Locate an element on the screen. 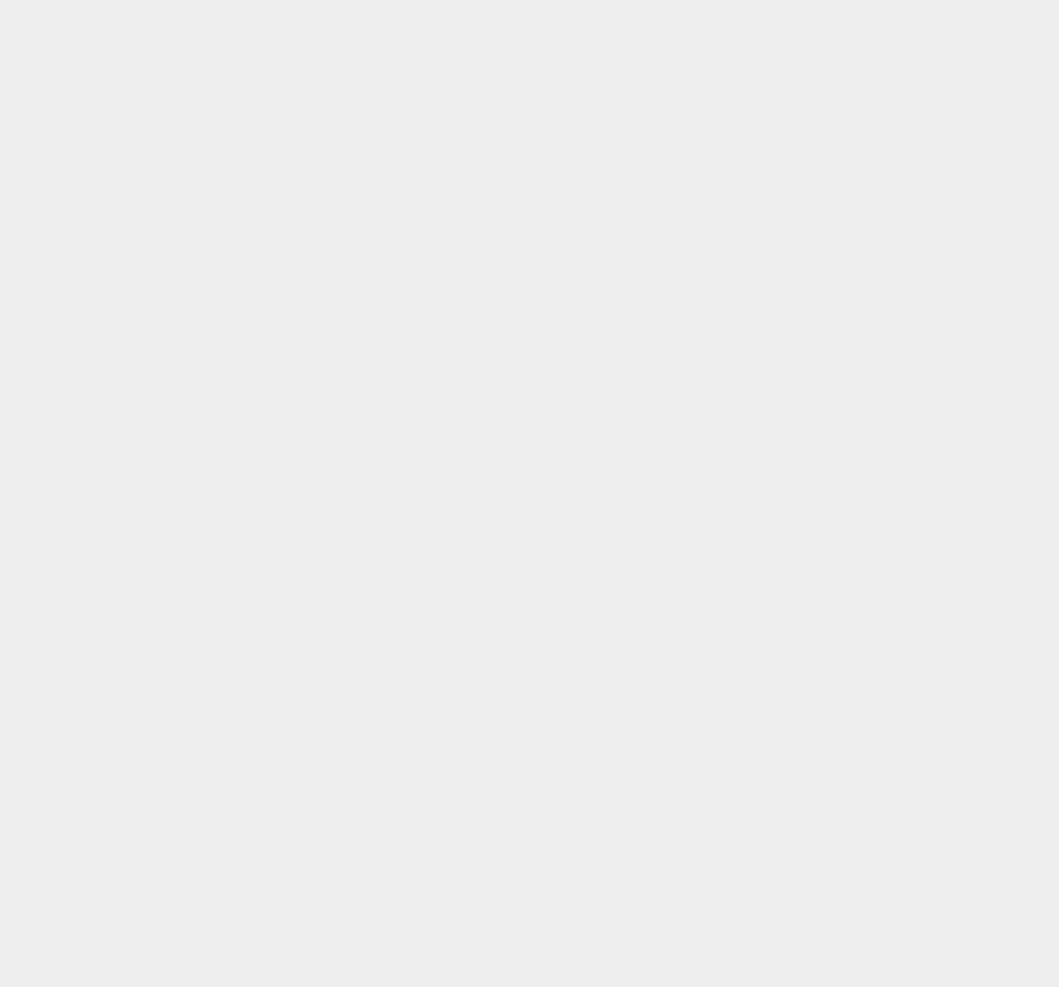 This screenshot has width=1059, height=987. 'PDF' is located at coordinates (760, 789).